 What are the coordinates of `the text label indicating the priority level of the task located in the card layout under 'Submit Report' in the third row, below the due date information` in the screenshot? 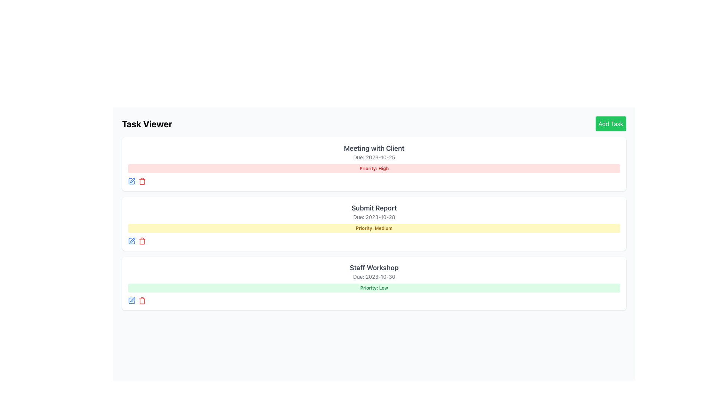 It's located at (374, 228).